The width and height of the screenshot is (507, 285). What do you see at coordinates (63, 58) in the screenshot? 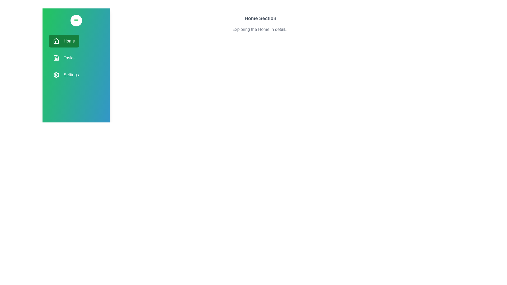
I see `the second button in the vertical menu` at bounding box center [63, 58].